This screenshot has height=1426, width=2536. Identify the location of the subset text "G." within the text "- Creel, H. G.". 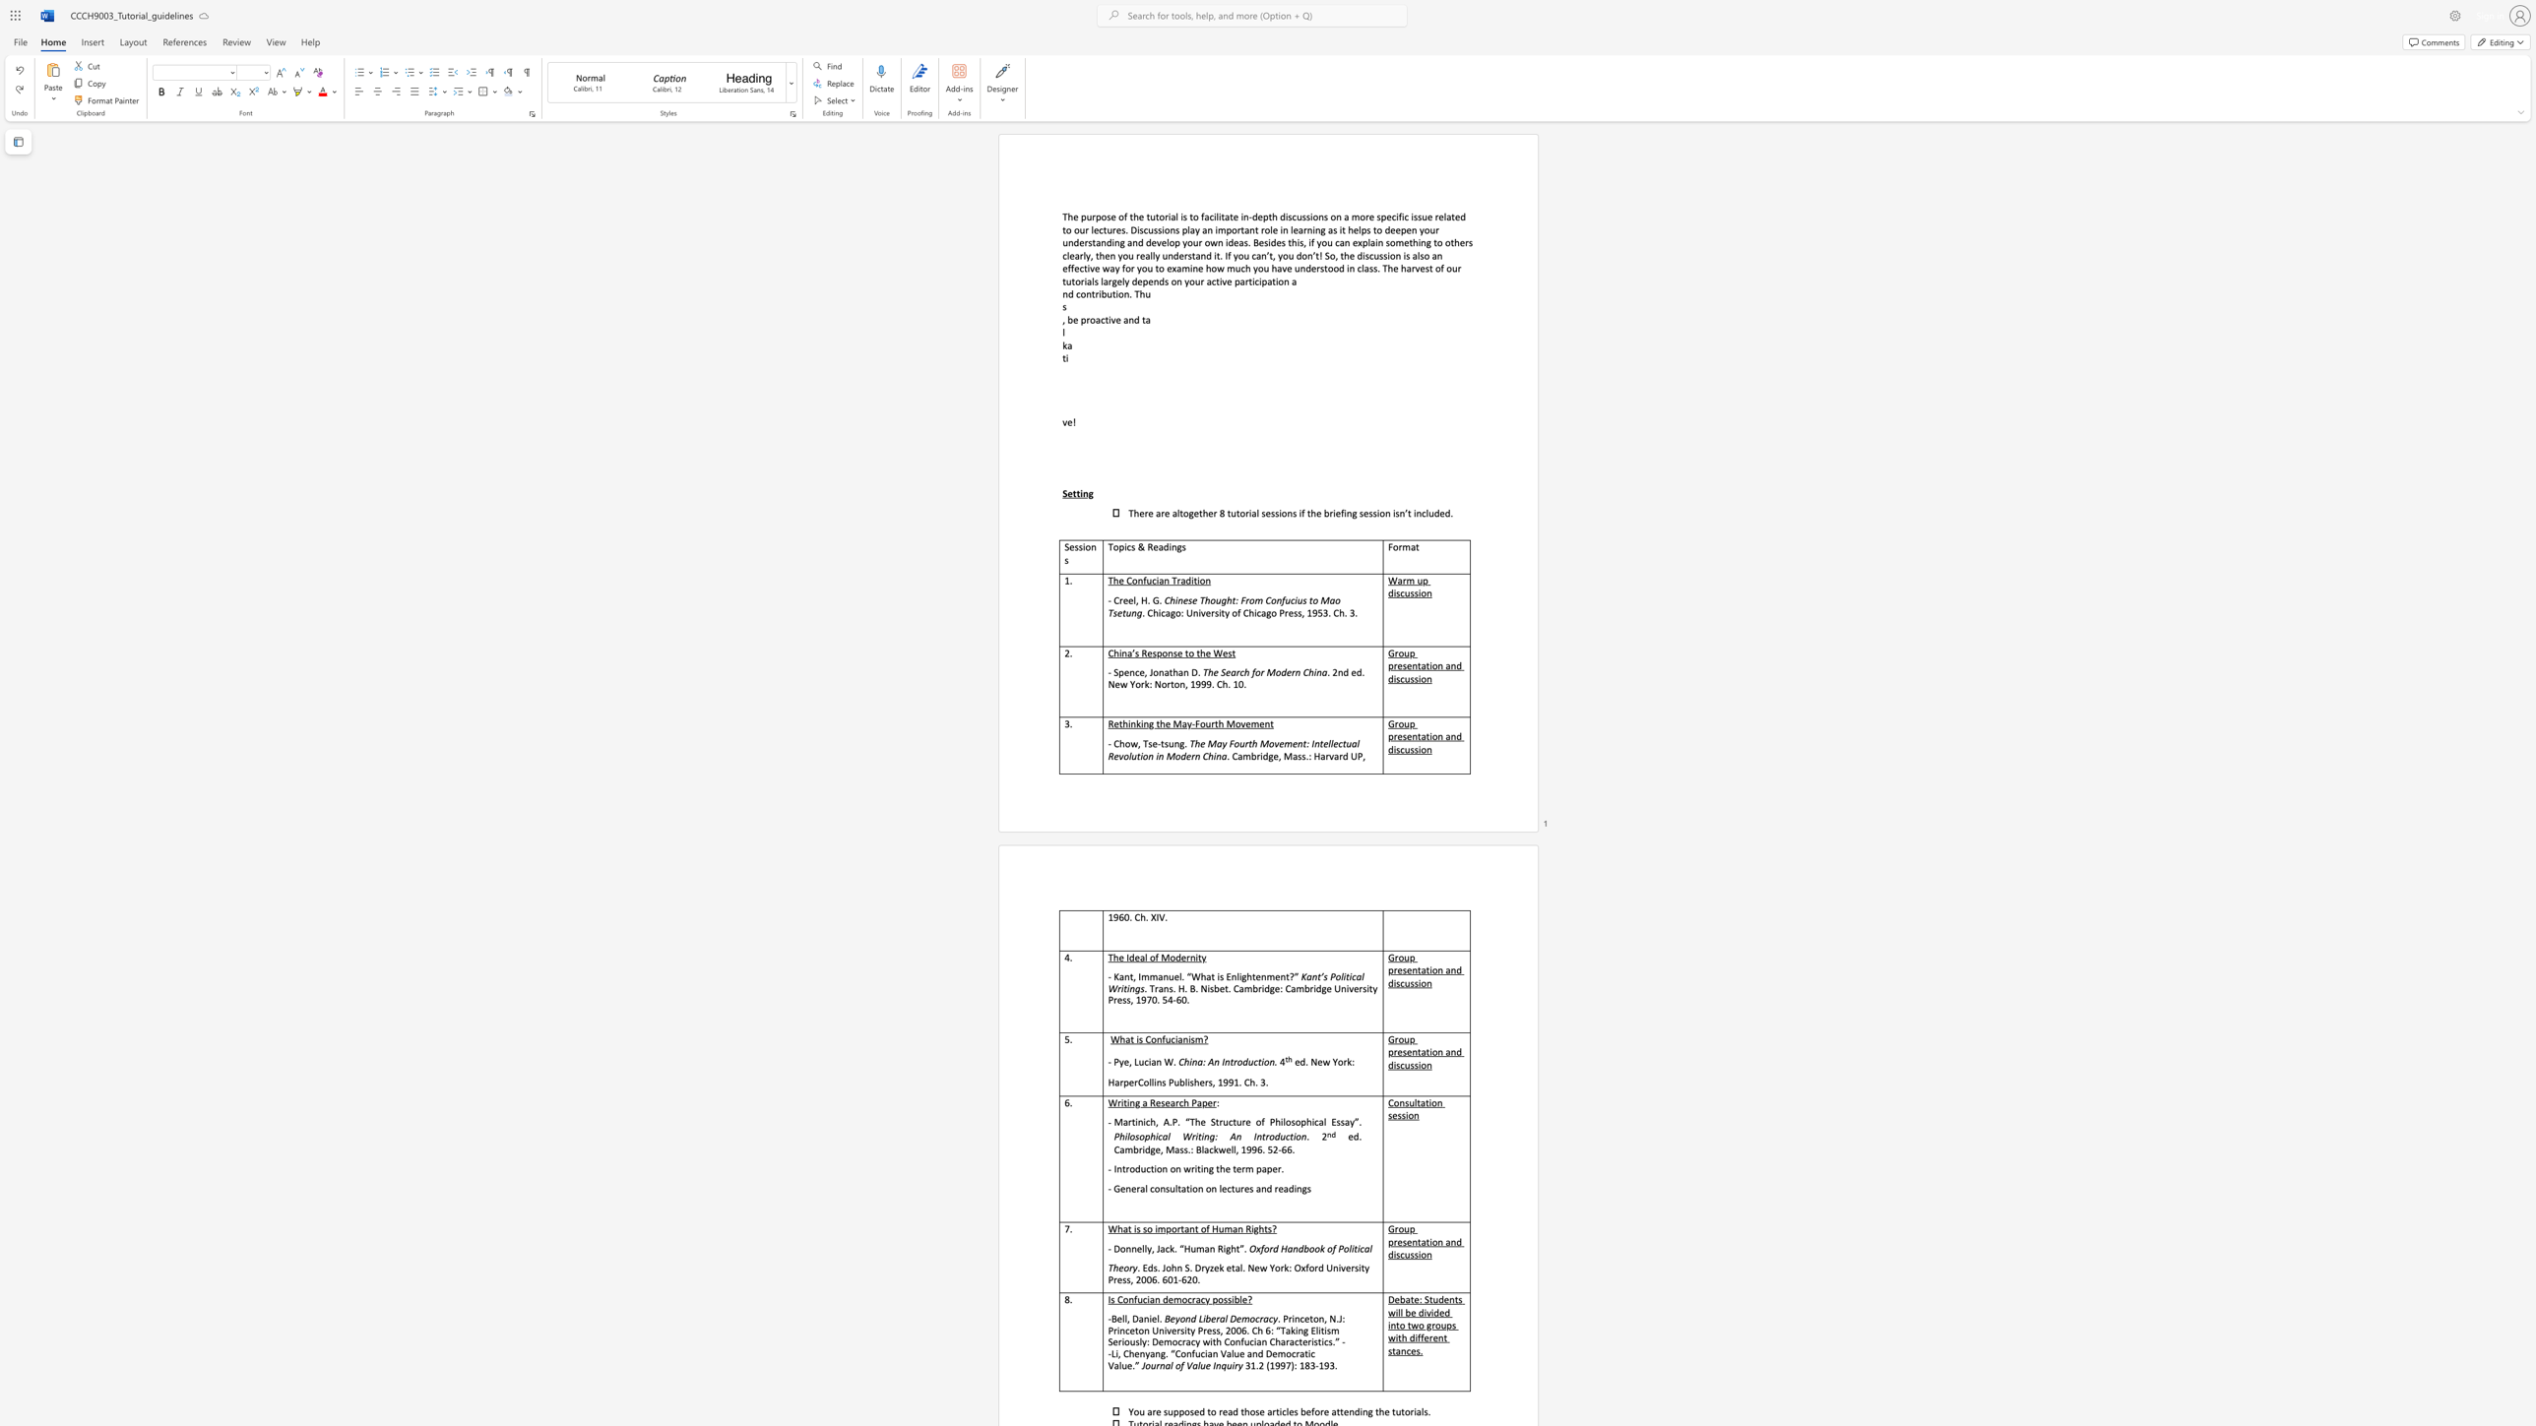
(1151, 598).